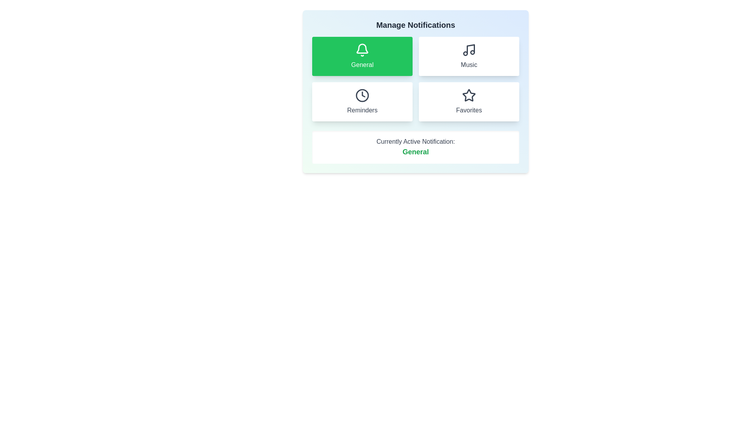 The width and height of the screenshot is (753, 423). What do you see at coordinates (469, 56) in the screenshot?
I see `the notification category Music` at bounding box center [469, 56].